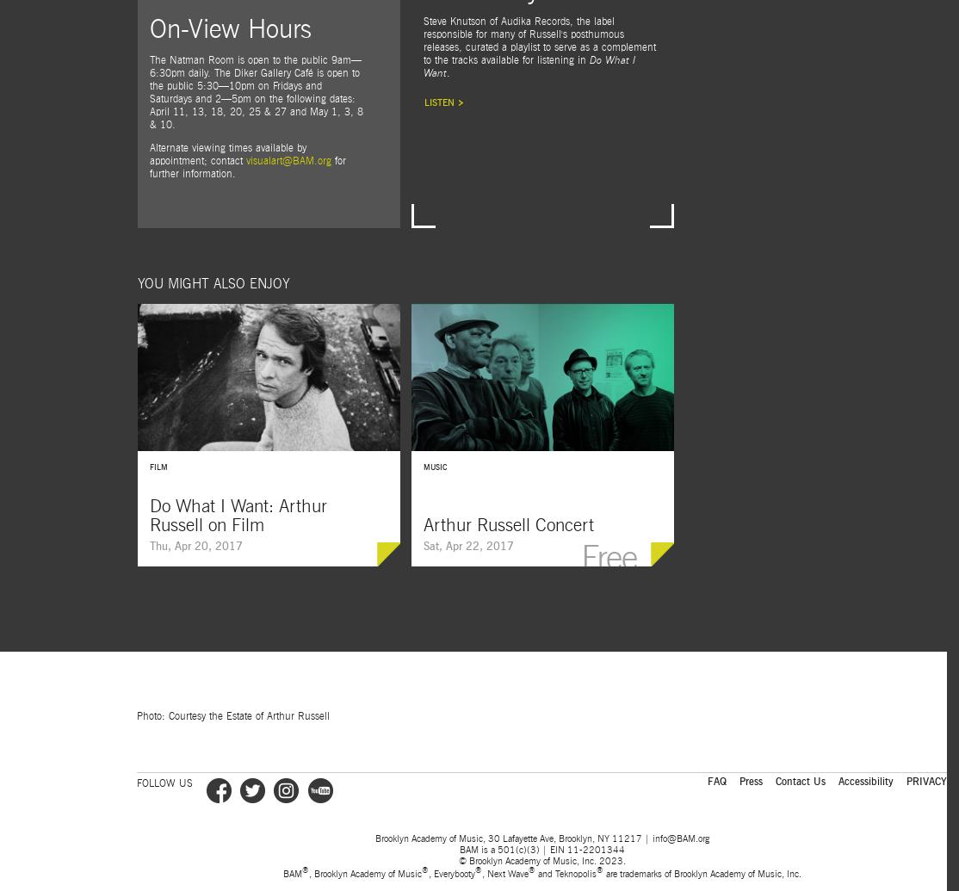 This screenshot has height=891, width=959. Describe the element at coordinates (136, 283) in the screenshot. I see `'YOU MIGHT ALSO ENJOY'` at that location.